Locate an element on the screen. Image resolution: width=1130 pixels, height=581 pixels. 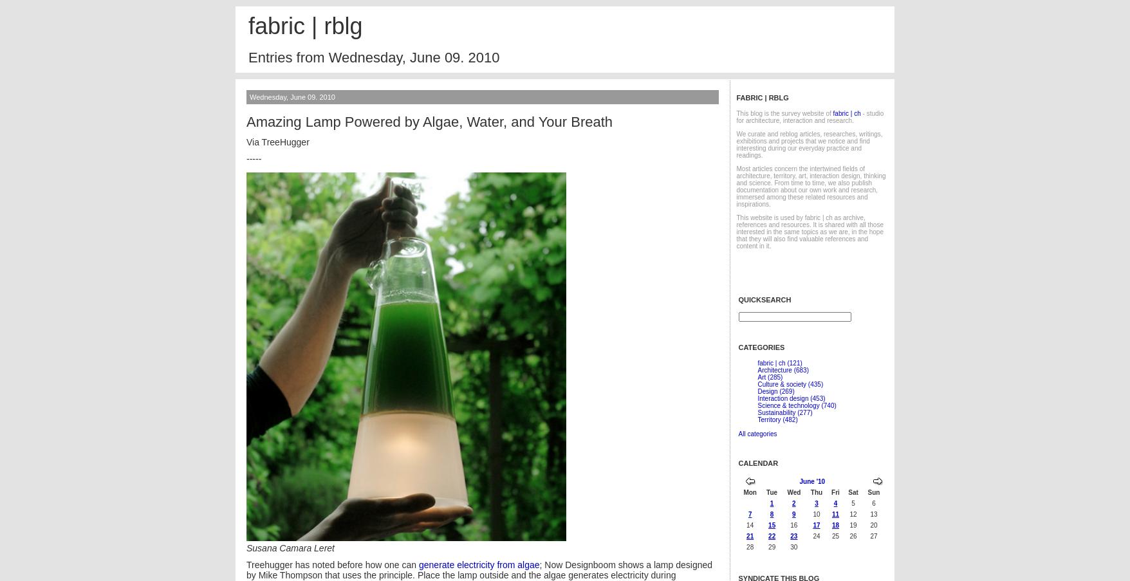
'11' is located at coordinates (835, 513).